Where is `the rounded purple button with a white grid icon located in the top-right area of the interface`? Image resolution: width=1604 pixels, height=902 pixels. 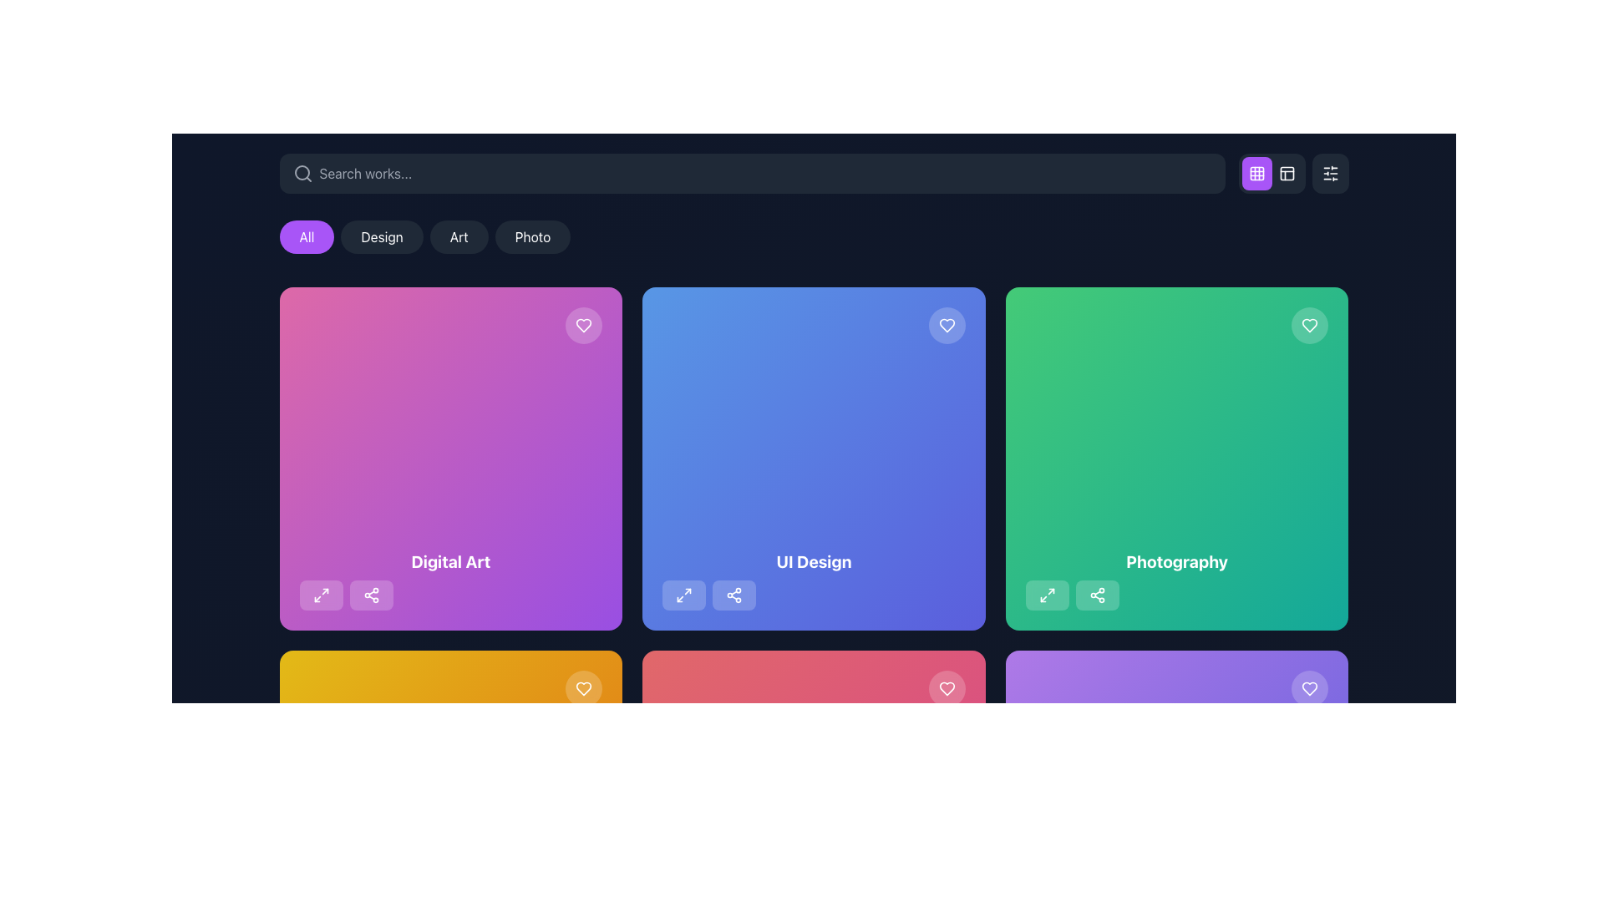 the rounded purple button with a white grid icon located in the top-right area of the interface is located at coordinates (1256, 174).